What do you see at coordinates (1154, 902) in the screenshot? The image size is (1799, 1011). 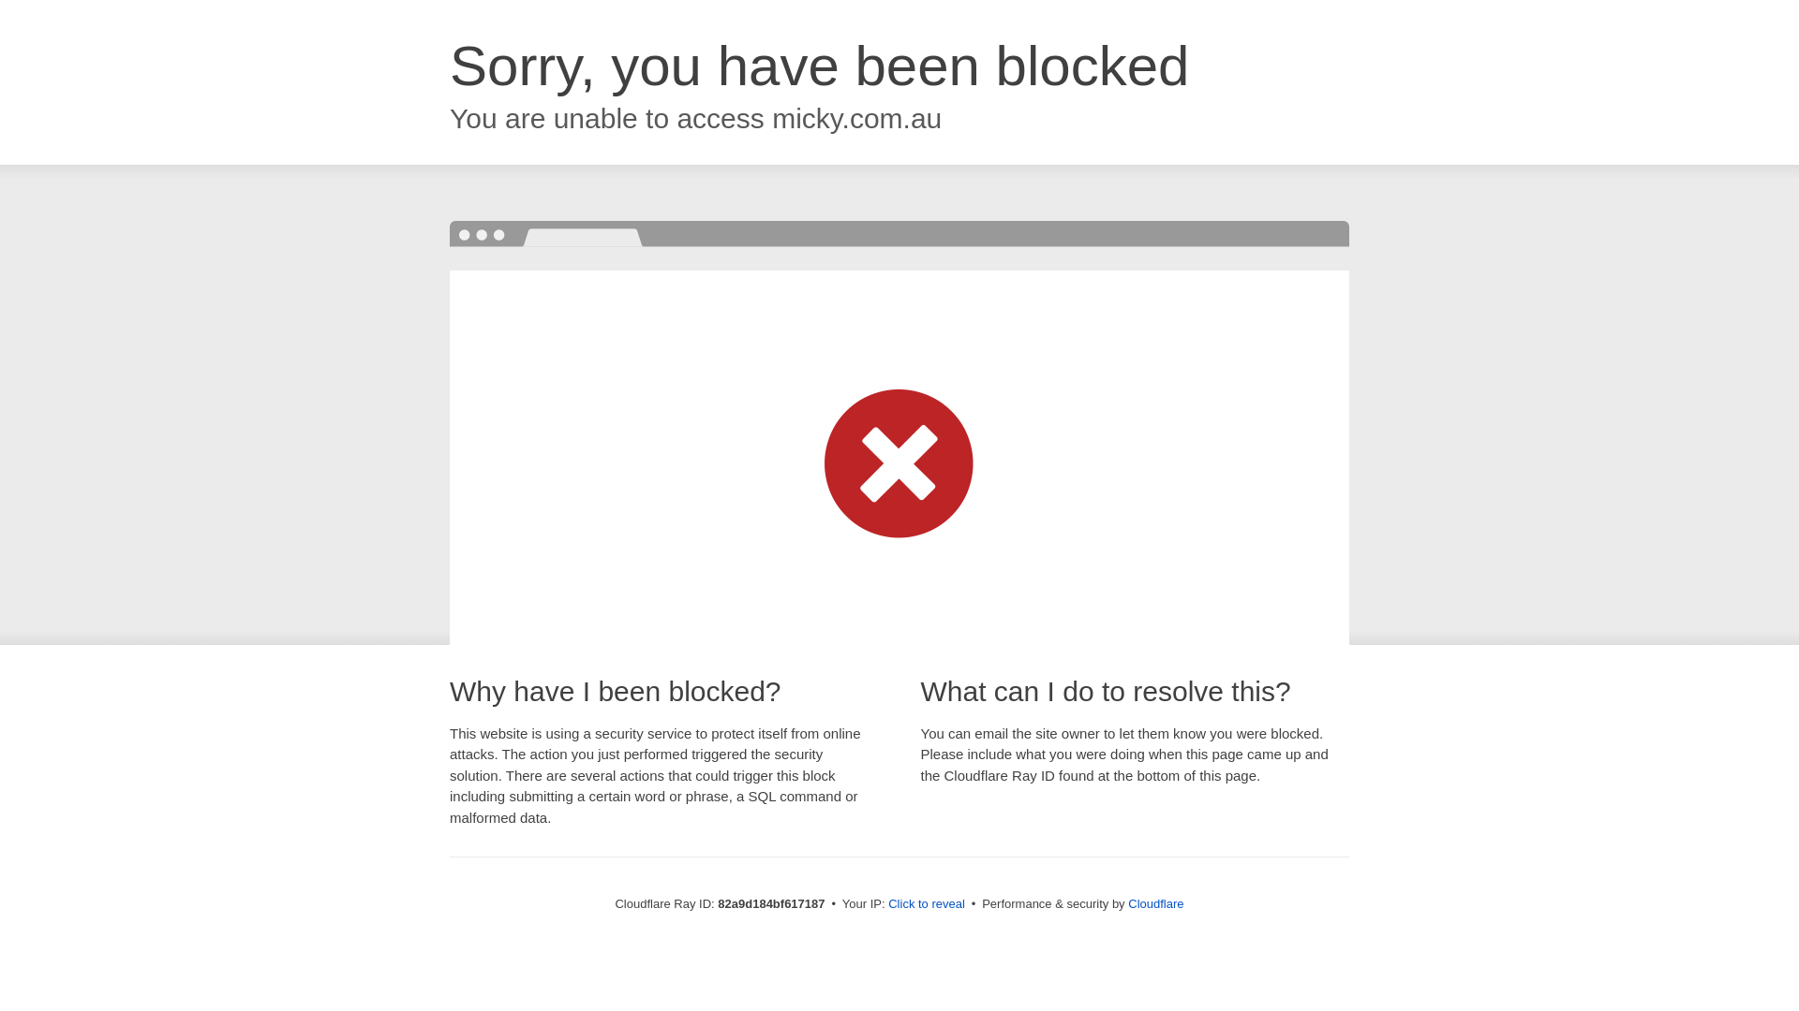 I see `'Cloudflare'` at bounding box center [1154, 902].